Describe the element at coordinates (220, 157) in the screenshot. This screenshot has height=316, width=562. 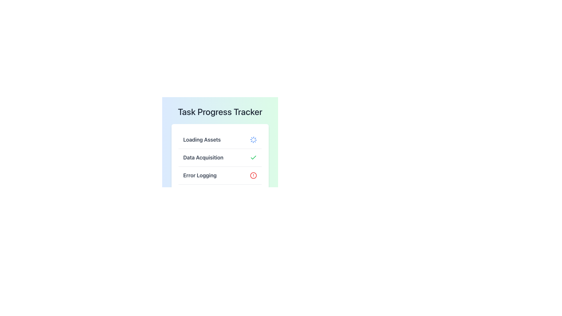
I see `the 'Data Acquisition' task status indicator row in the Task Progress Tracker card` at that location.